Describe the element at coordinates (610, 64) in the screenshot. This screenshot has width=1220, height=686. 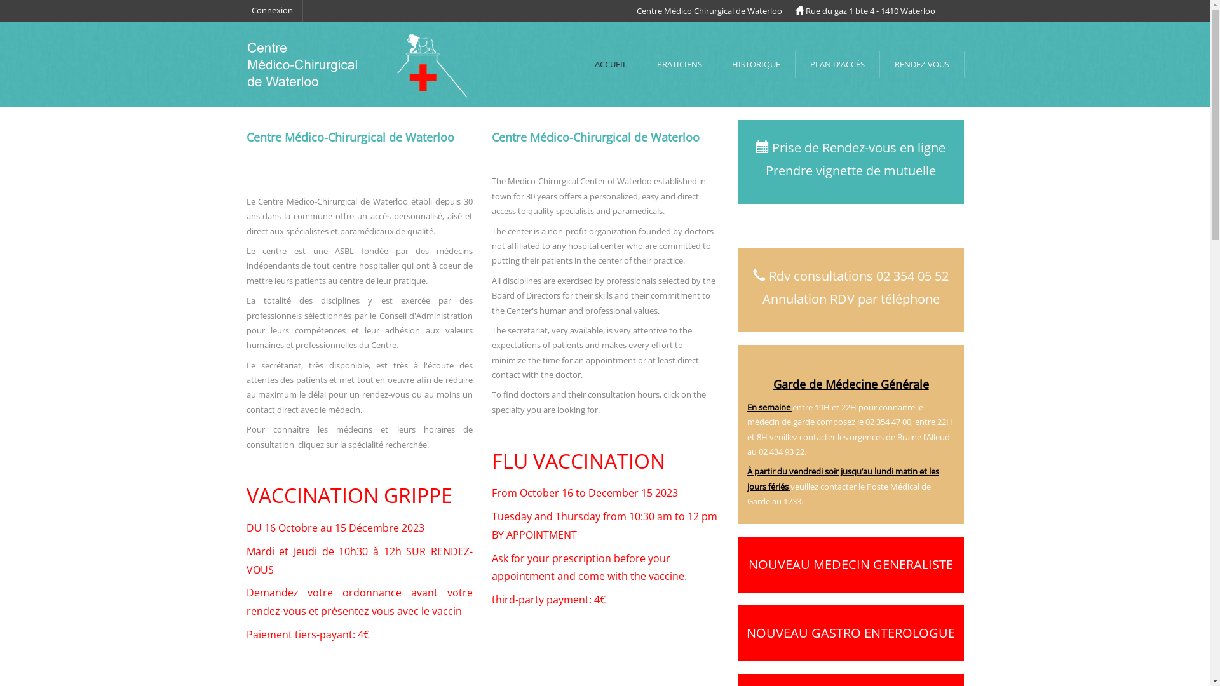
I see `'ACCUEIL'` at that location.